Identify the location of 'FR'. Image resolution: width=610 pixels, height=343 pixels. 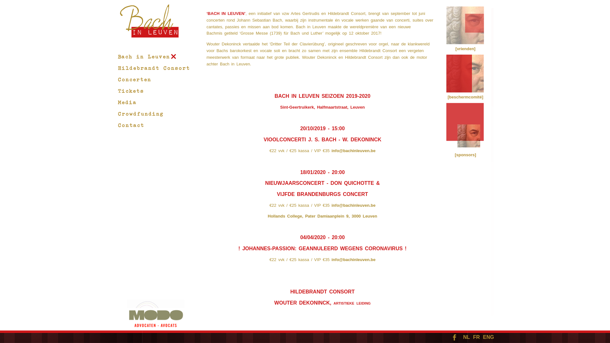
(475, 337).